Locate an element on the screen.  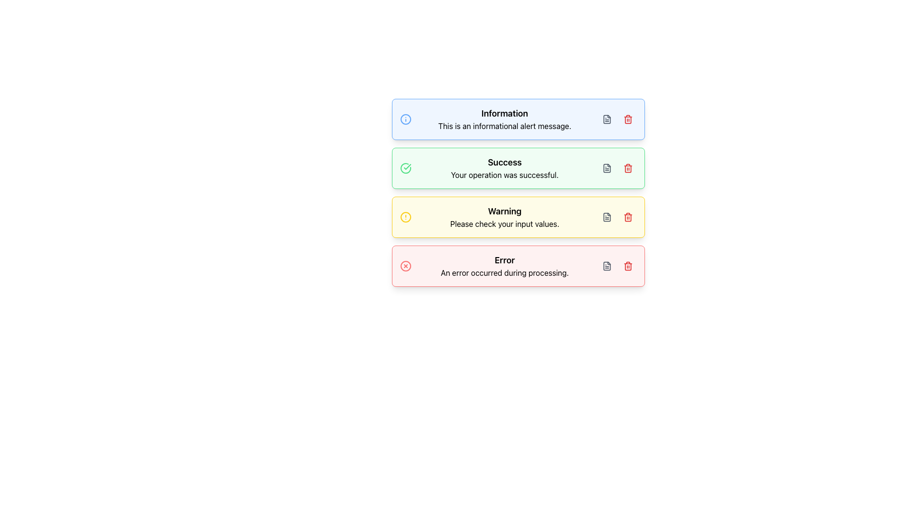
the design of the success icon located on the left side of the green 'Success' notification box is located at coordinates (407, 166).